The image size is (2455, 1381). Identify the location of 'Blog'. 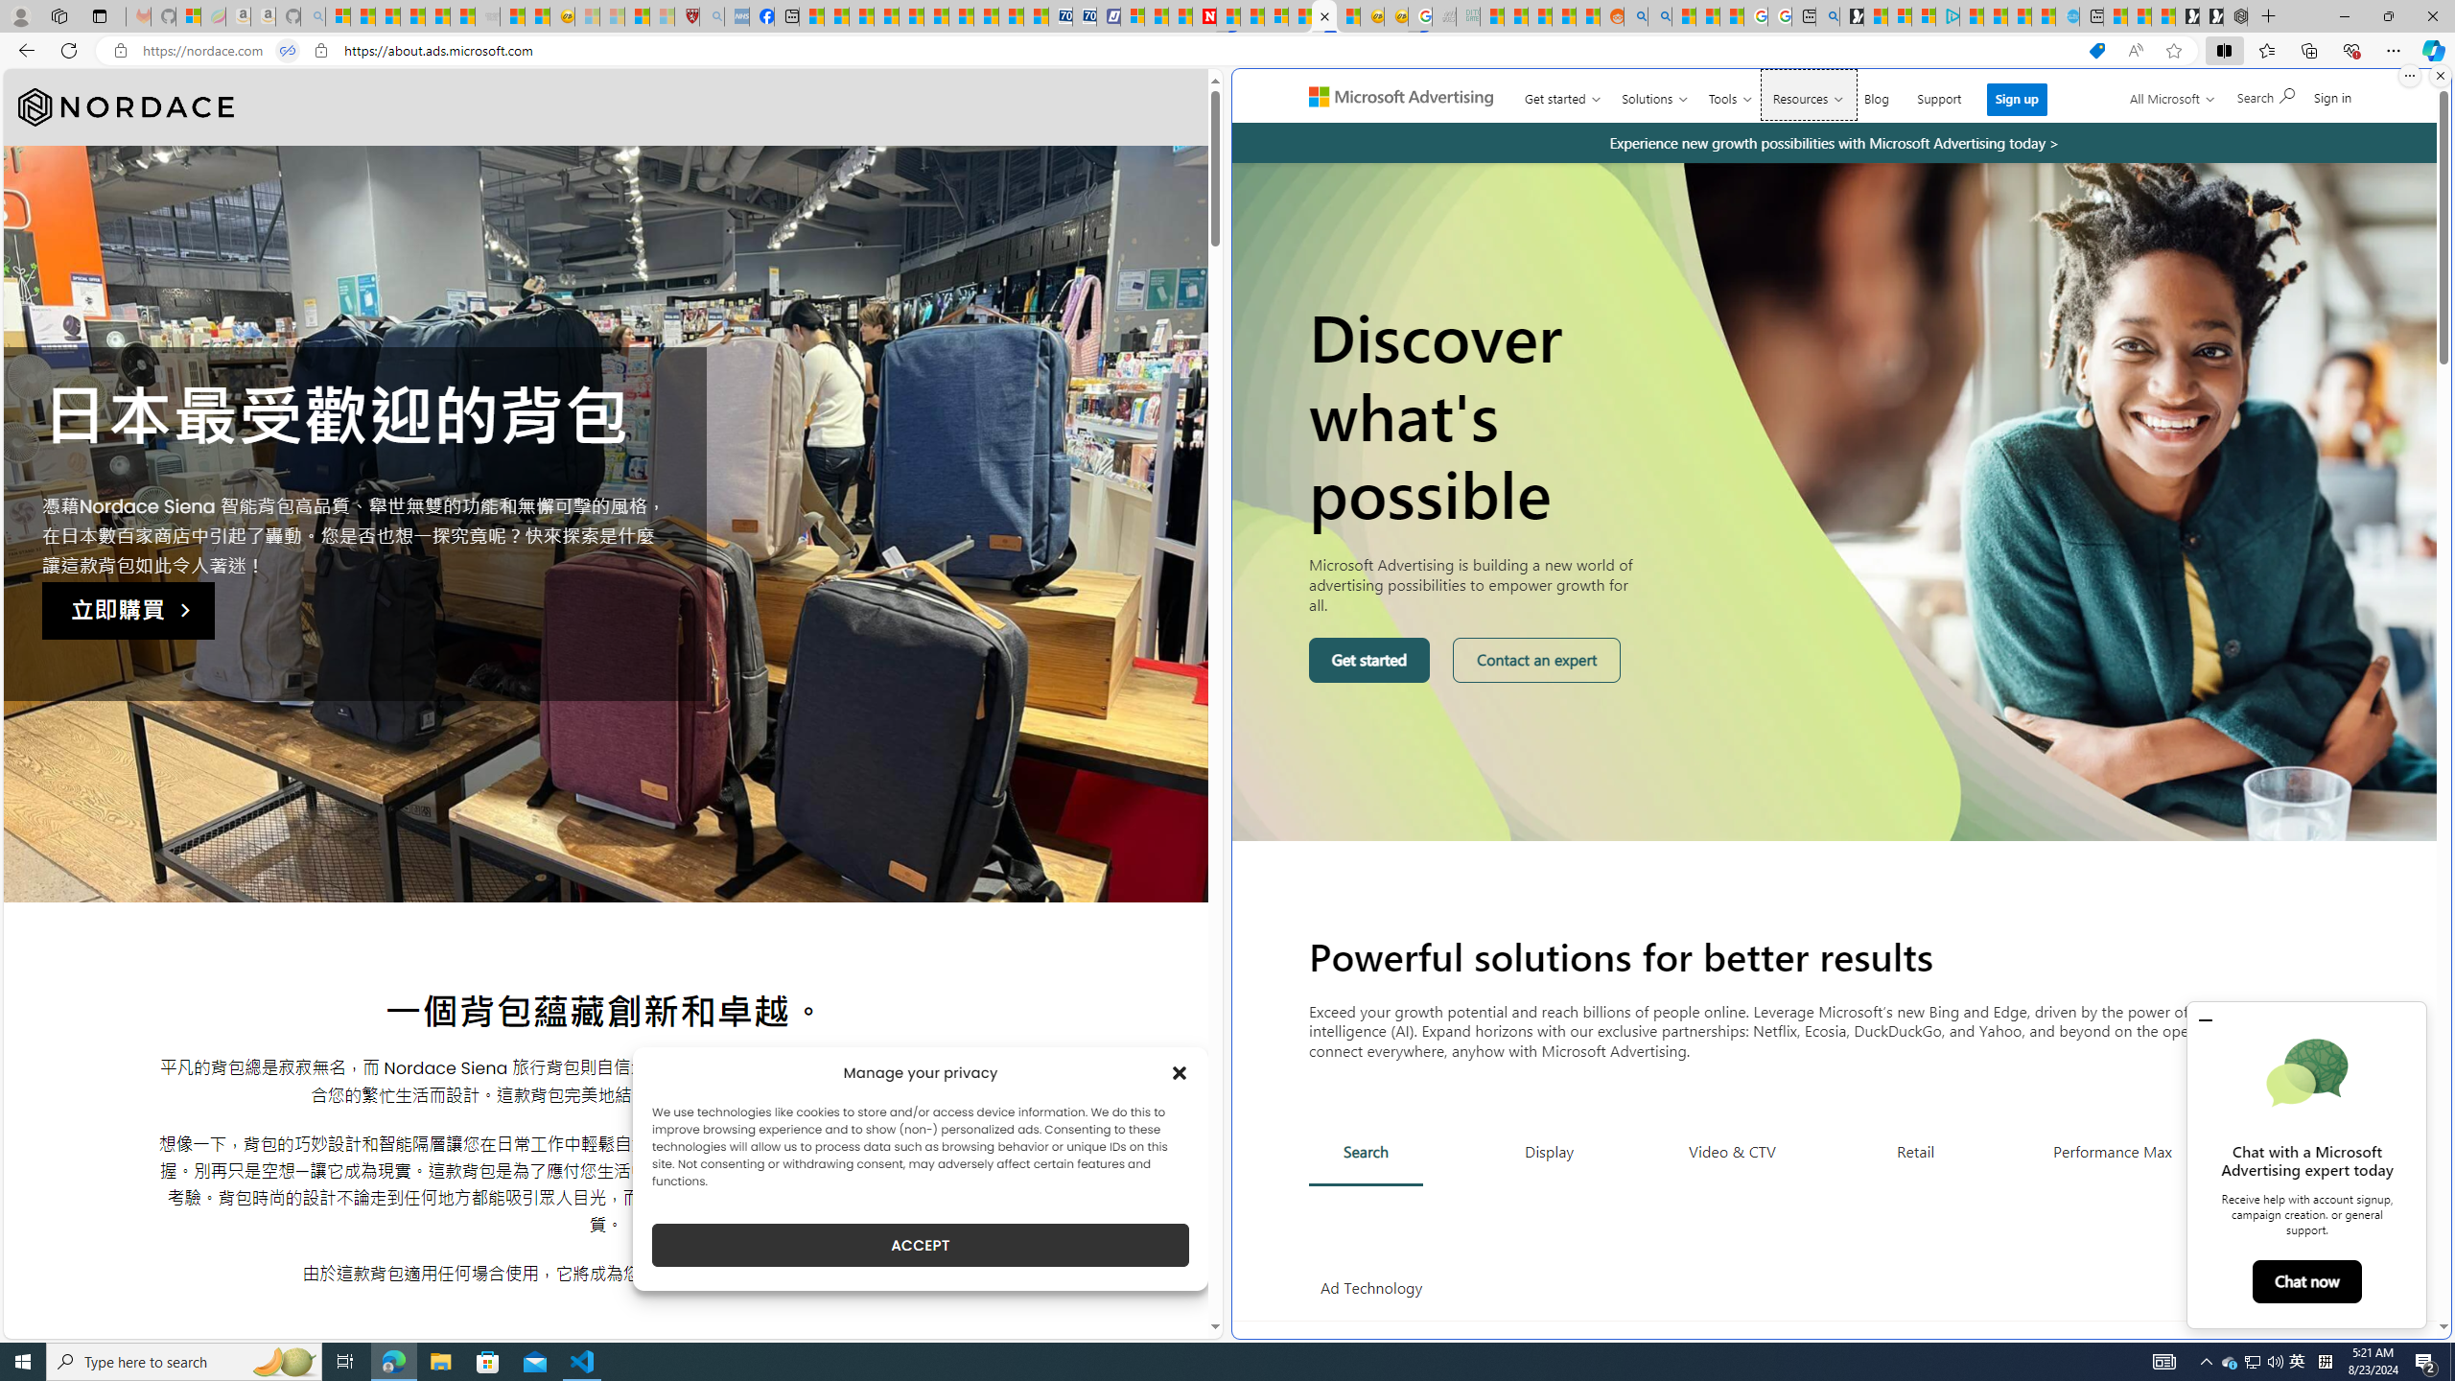
(1876, 95).